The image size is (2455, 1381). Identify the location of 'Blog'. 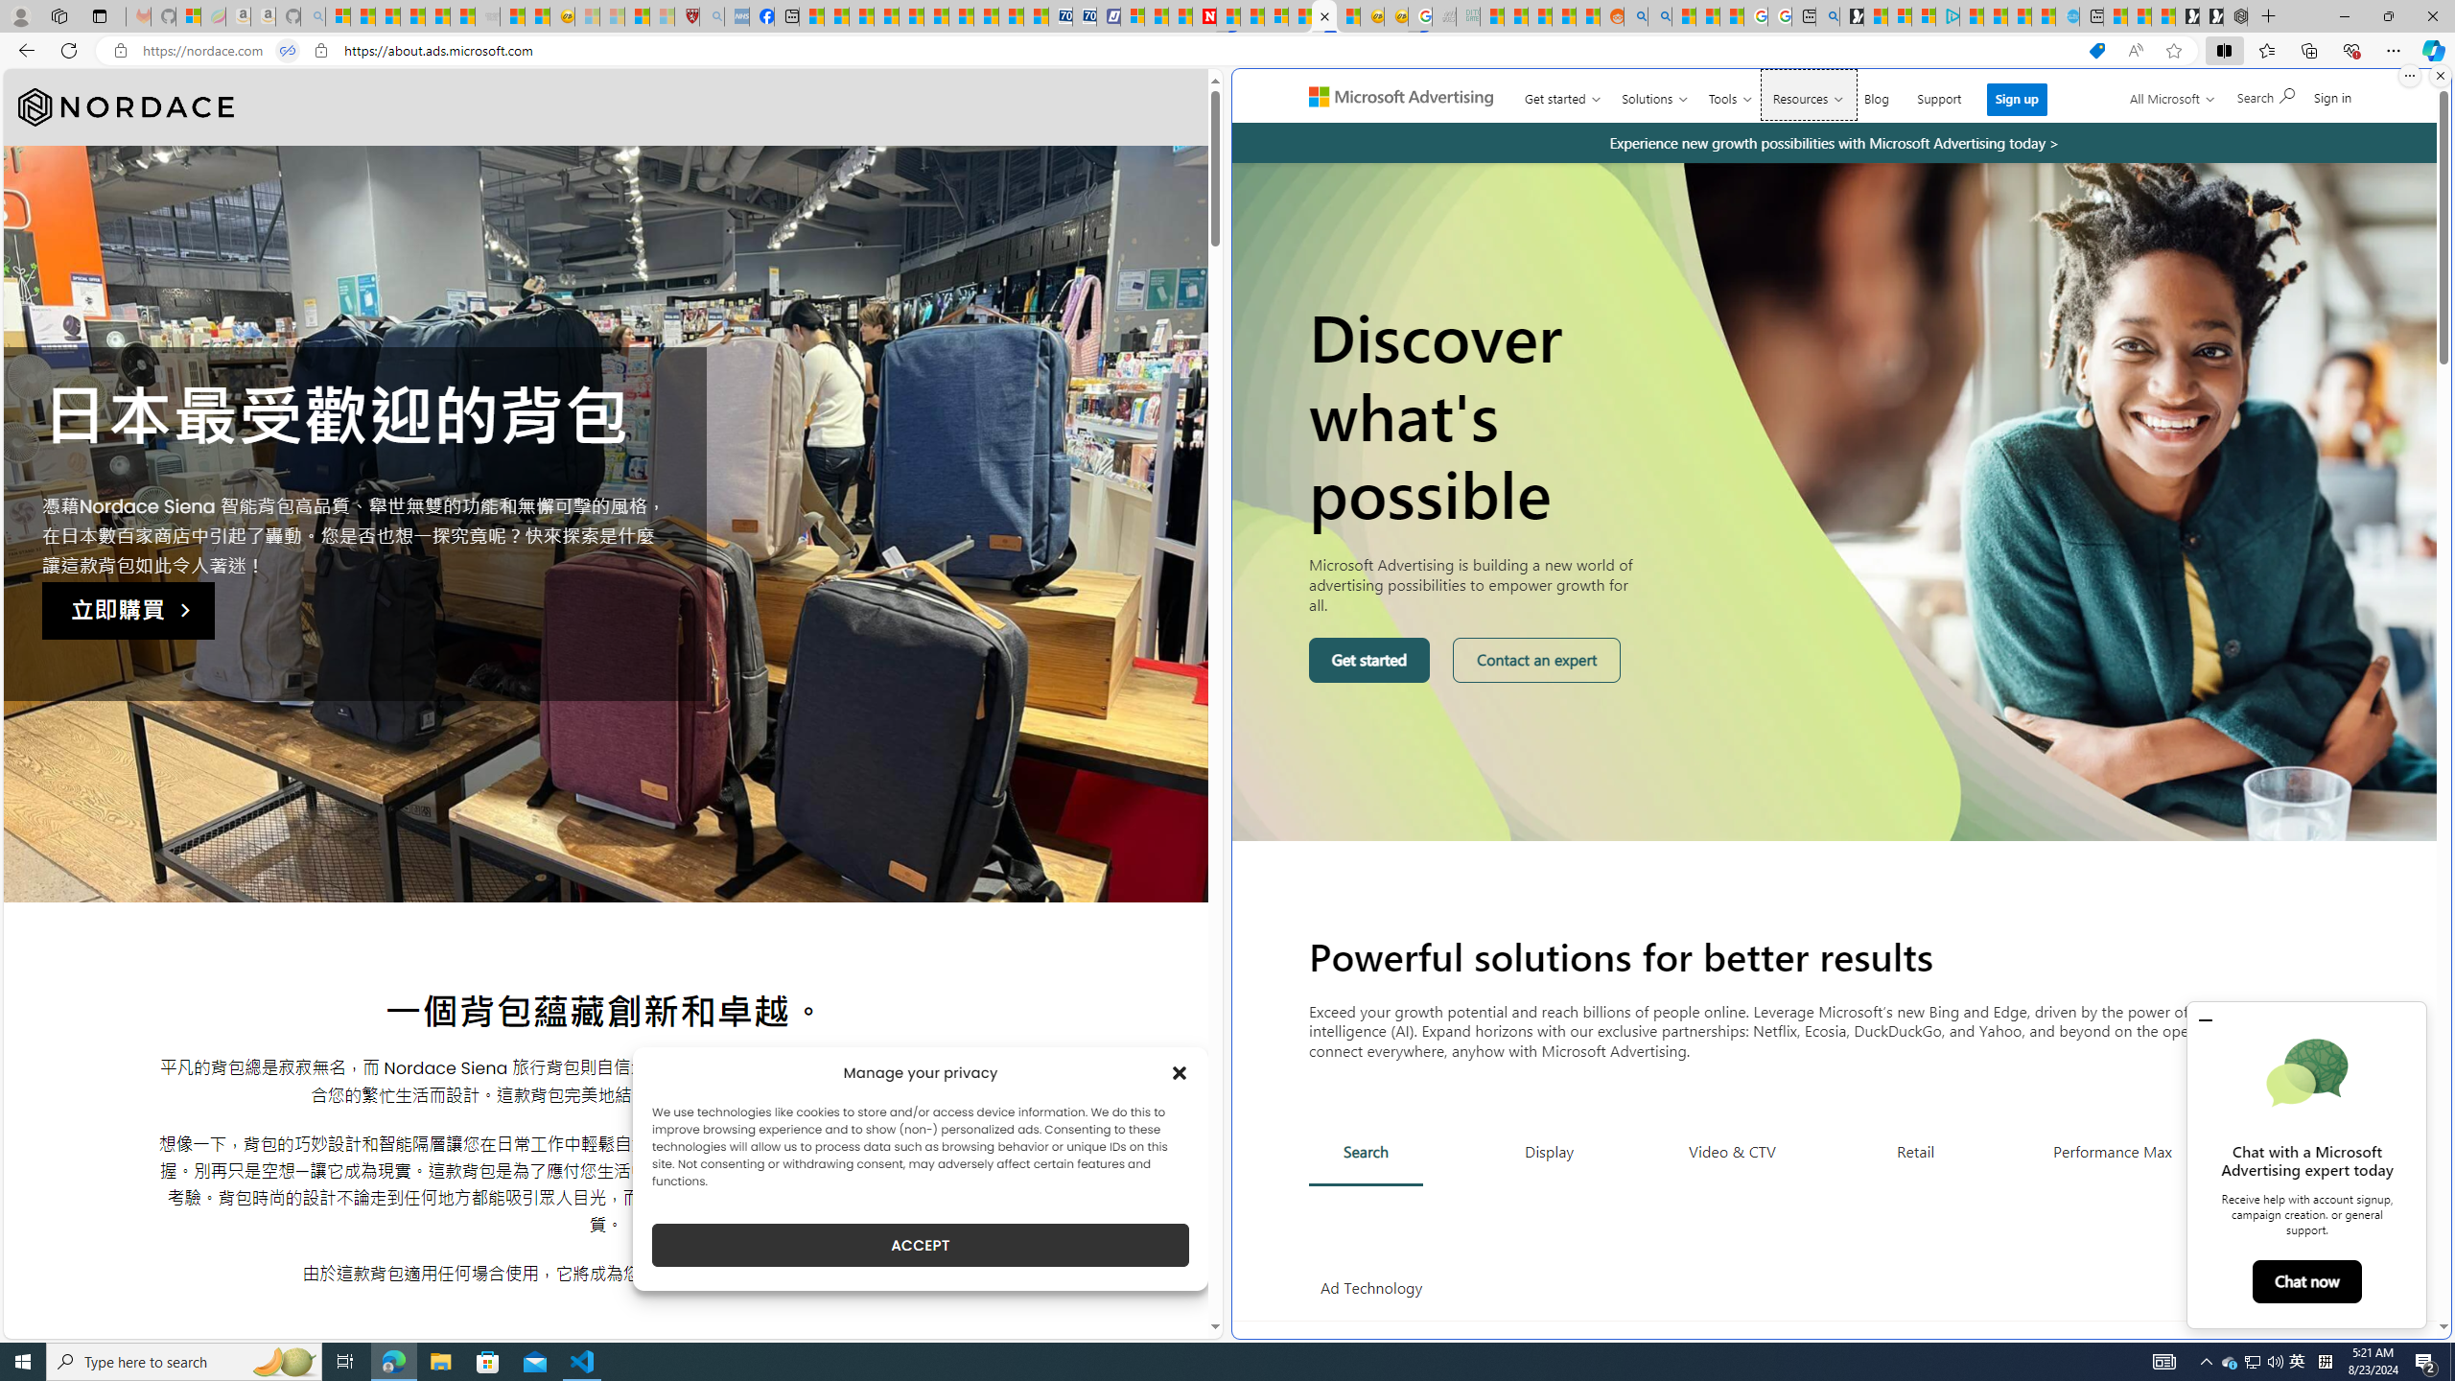
(1876, 95).